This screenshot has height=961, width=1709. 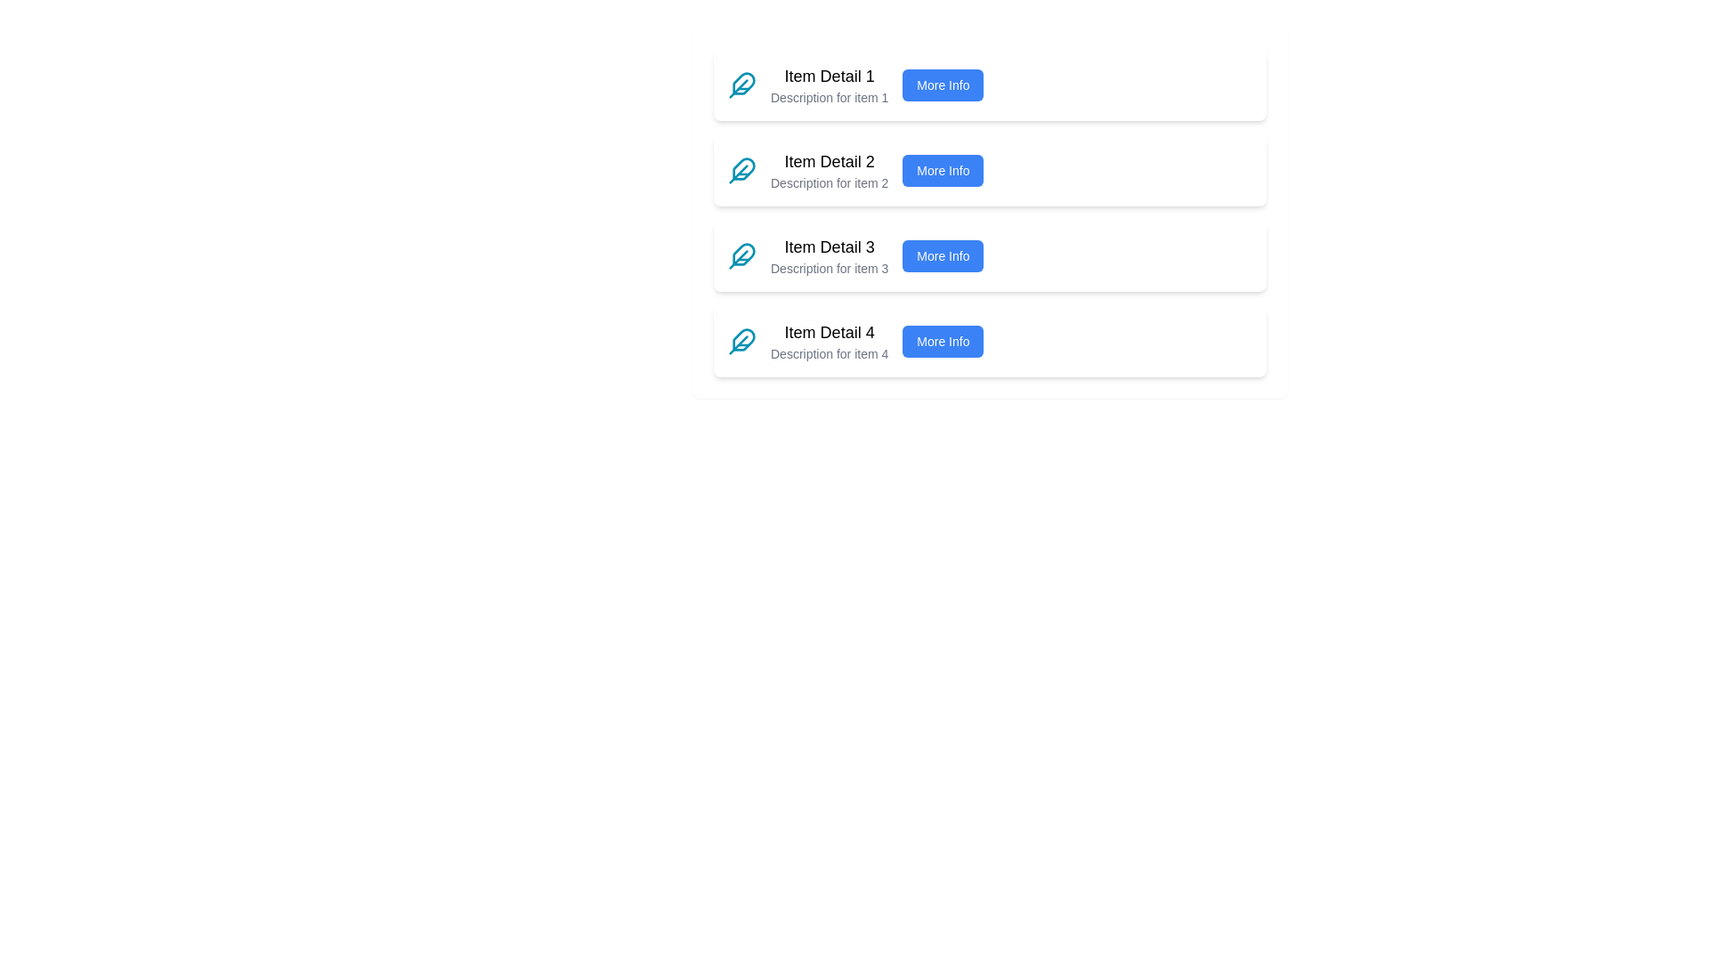 What do you see at coordinates (742, 342) in the screenshot?
I see `the feather icon with cyan-blue strokes located under 'Item Detail 4' before the 'More Info' button` at bounding box center [742, 342].